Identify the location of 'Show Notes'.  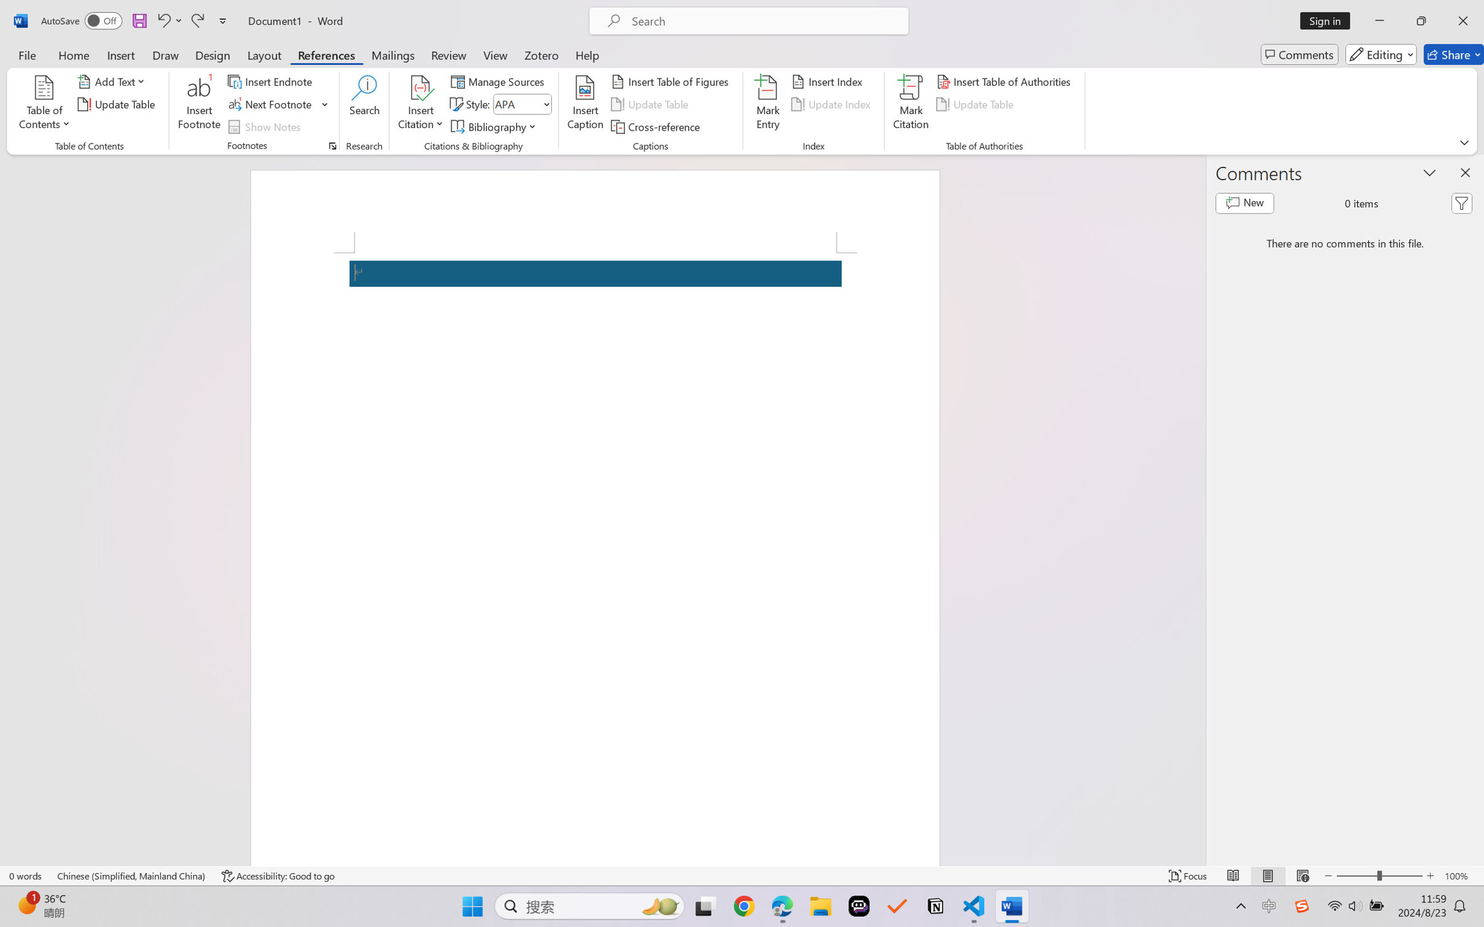
(266, 127).